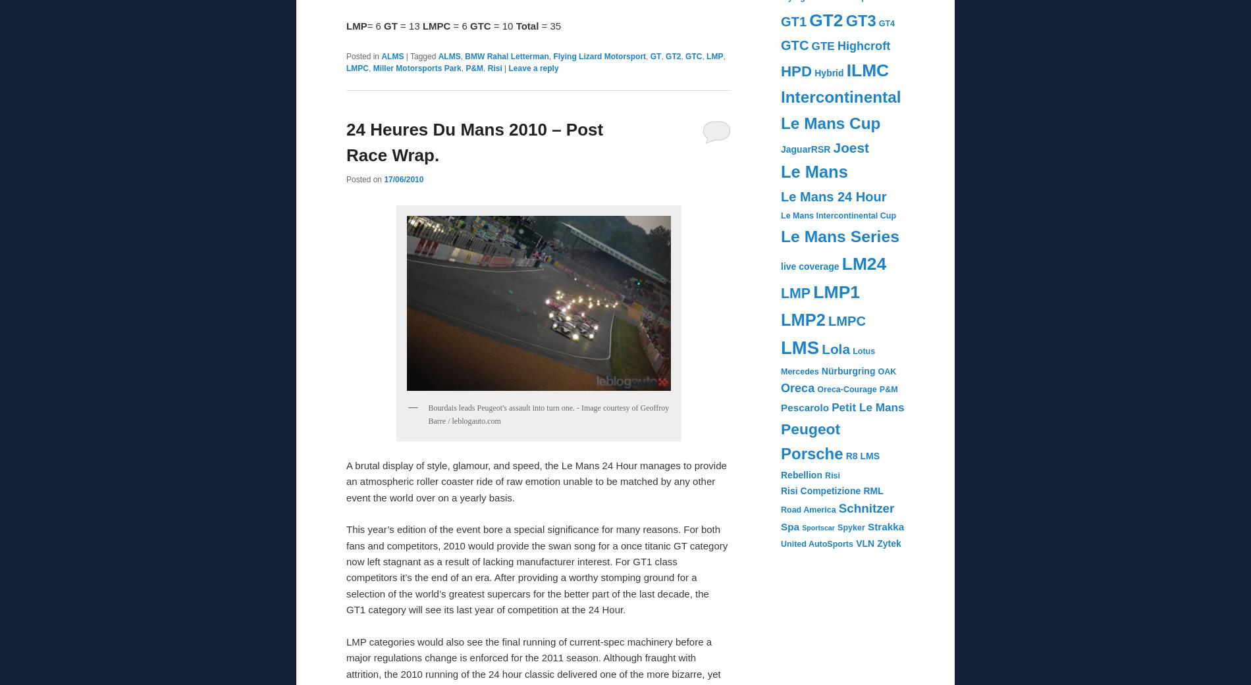 Image resolution: width=1251 pixels, height=685 pixels. What do you see at coordinates (797, 388) in the screenshot?
I see `'Oreca'` at bounding box center [797, 388].